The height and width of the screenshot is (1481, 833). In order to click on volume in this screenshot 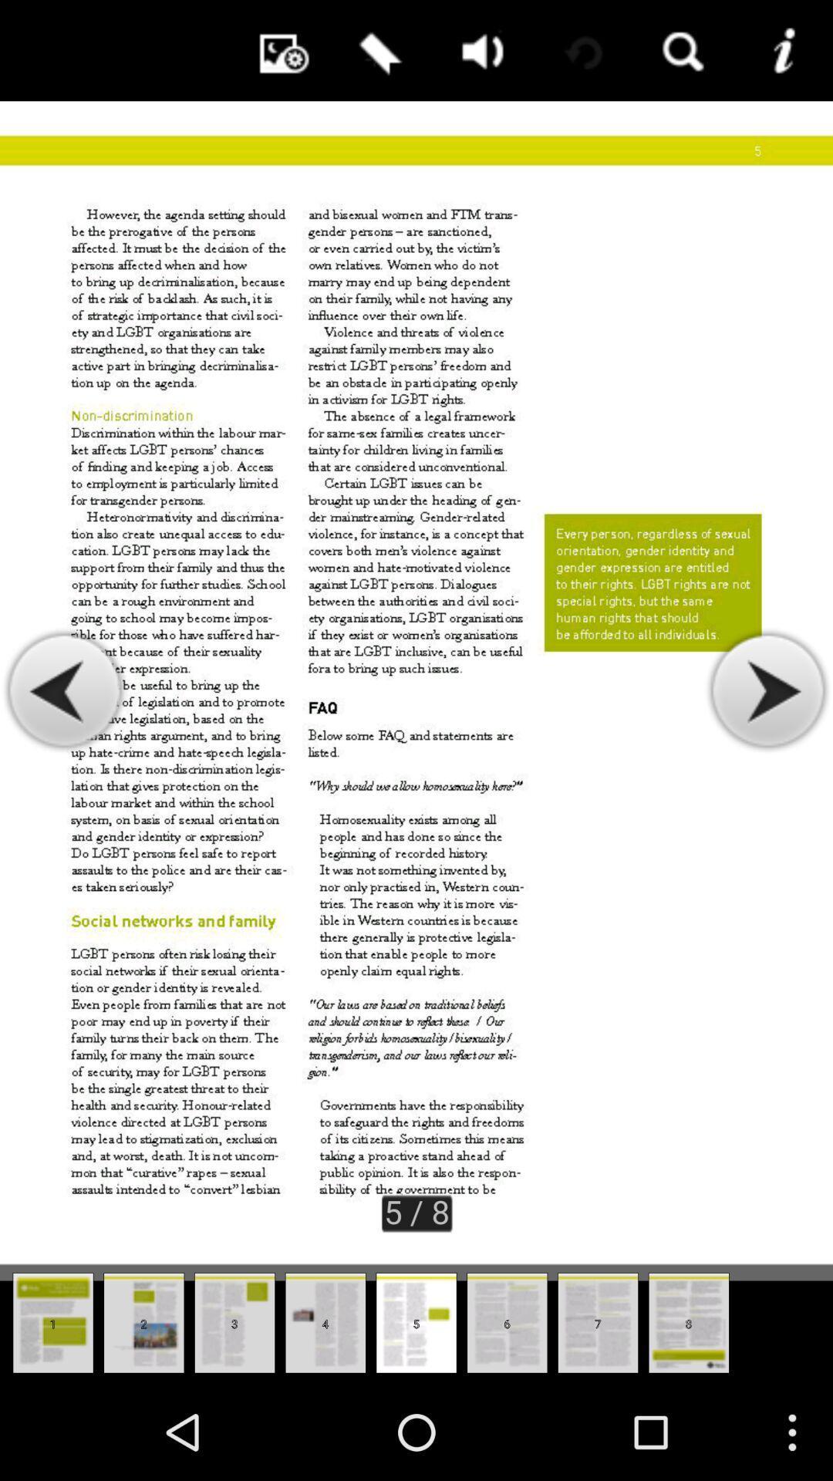, I will do `click(477, 50)`.